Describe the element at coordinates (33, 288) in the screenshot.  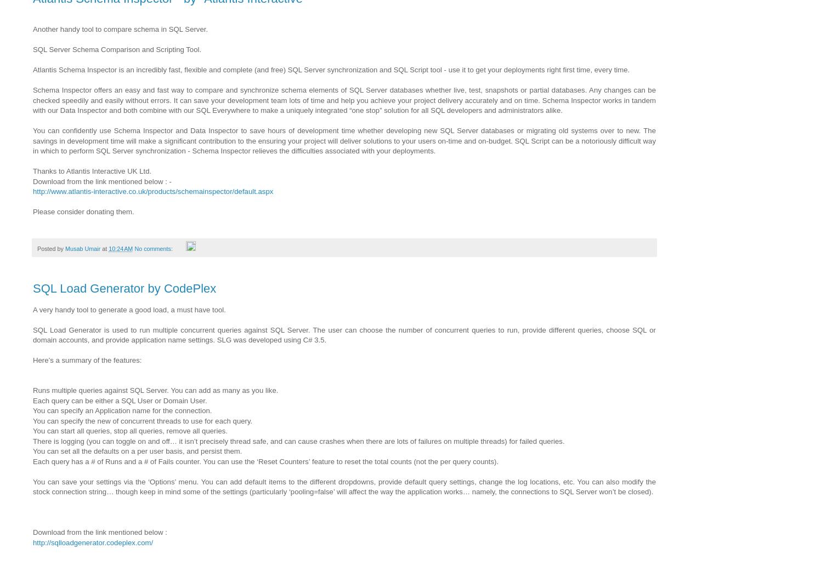
I see `'SQL Load Generator by CodePlex'` at that location.